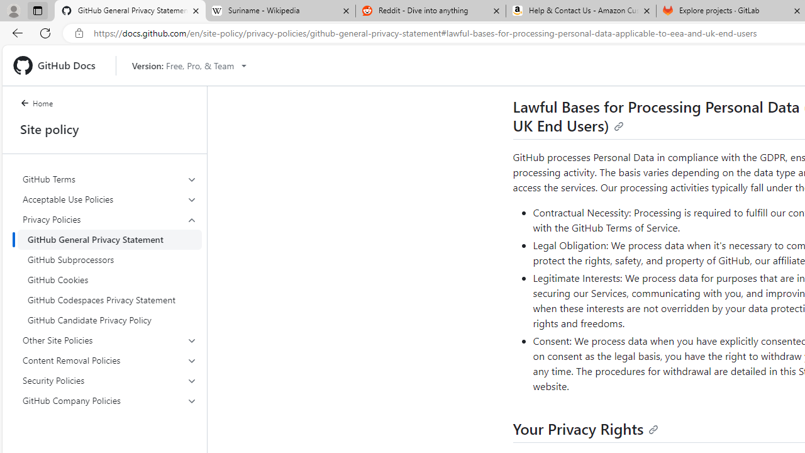  Describe the element at coordinates (109, 259) in the screenshot. I see `'GitHub Subprocessors'` at that location.